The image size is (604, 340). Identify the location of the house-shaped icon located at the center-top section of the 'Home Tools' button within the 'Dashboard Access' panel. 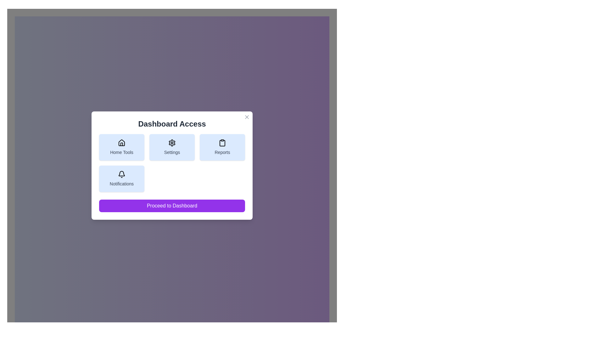
(122, 143).